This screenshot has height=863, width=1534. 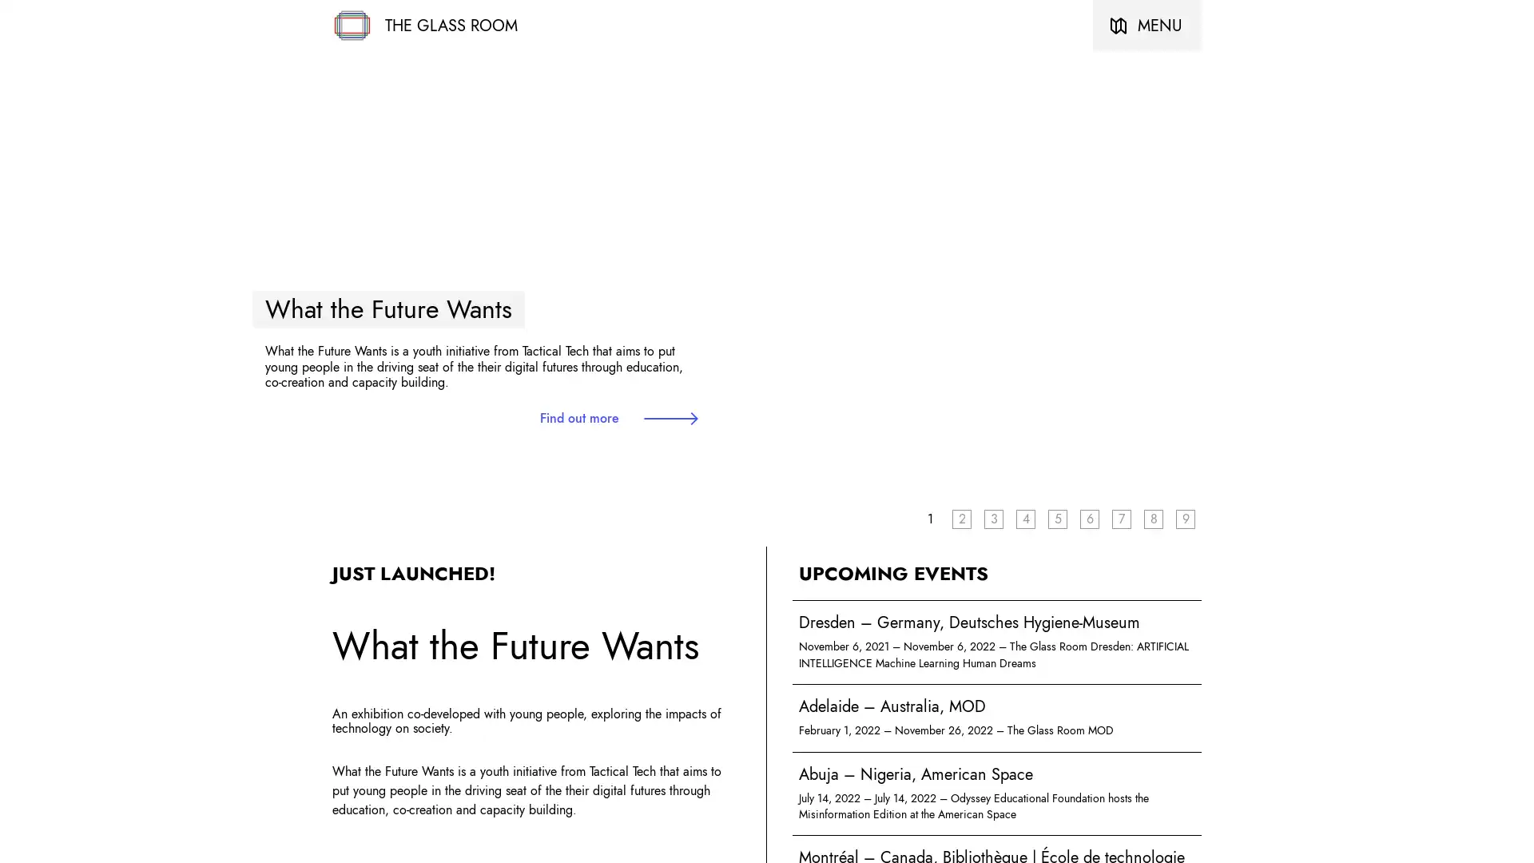 I want to click on slide item 1, so click(x=929, y=518).